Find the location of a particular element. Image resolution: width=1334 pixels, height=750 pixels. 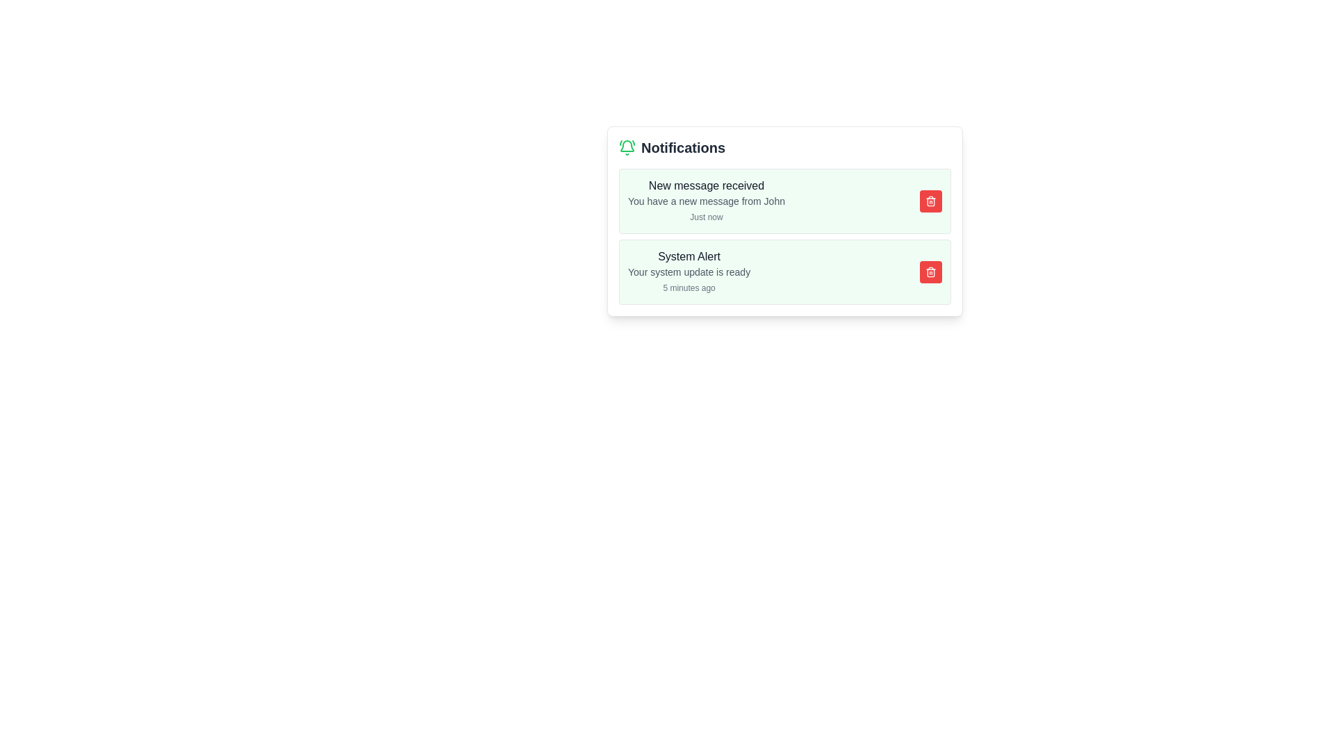

the first Notification Card in the notifications panel is located at coordinates (784, 201).